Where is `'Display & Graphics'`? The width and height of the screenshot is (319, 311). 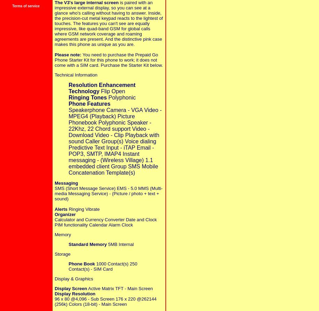
'Display & Graphics' is located at coordinates (73, 278).